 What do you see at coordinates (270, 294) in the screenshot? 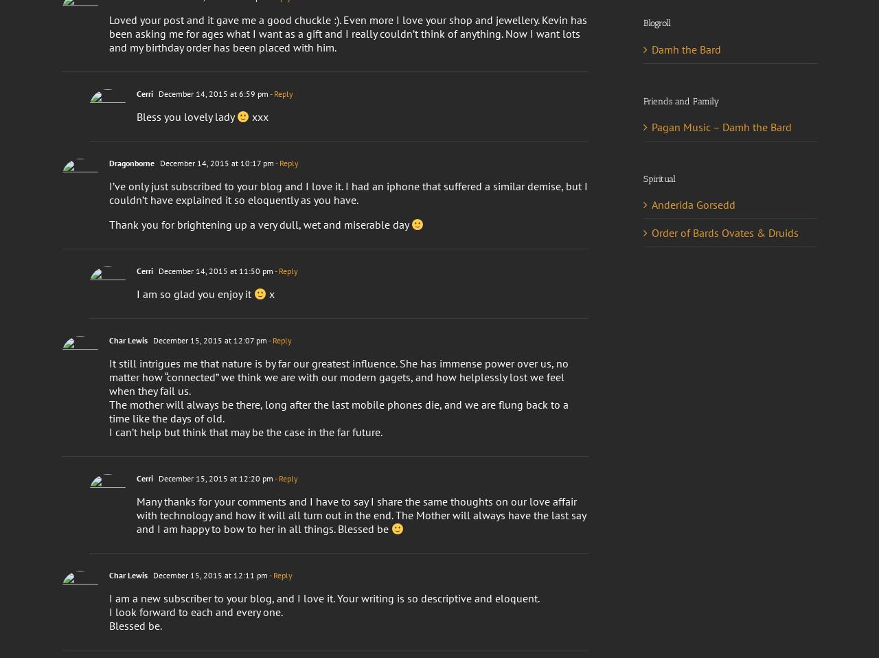
I see `'x'` at bounding box center [270, 294].